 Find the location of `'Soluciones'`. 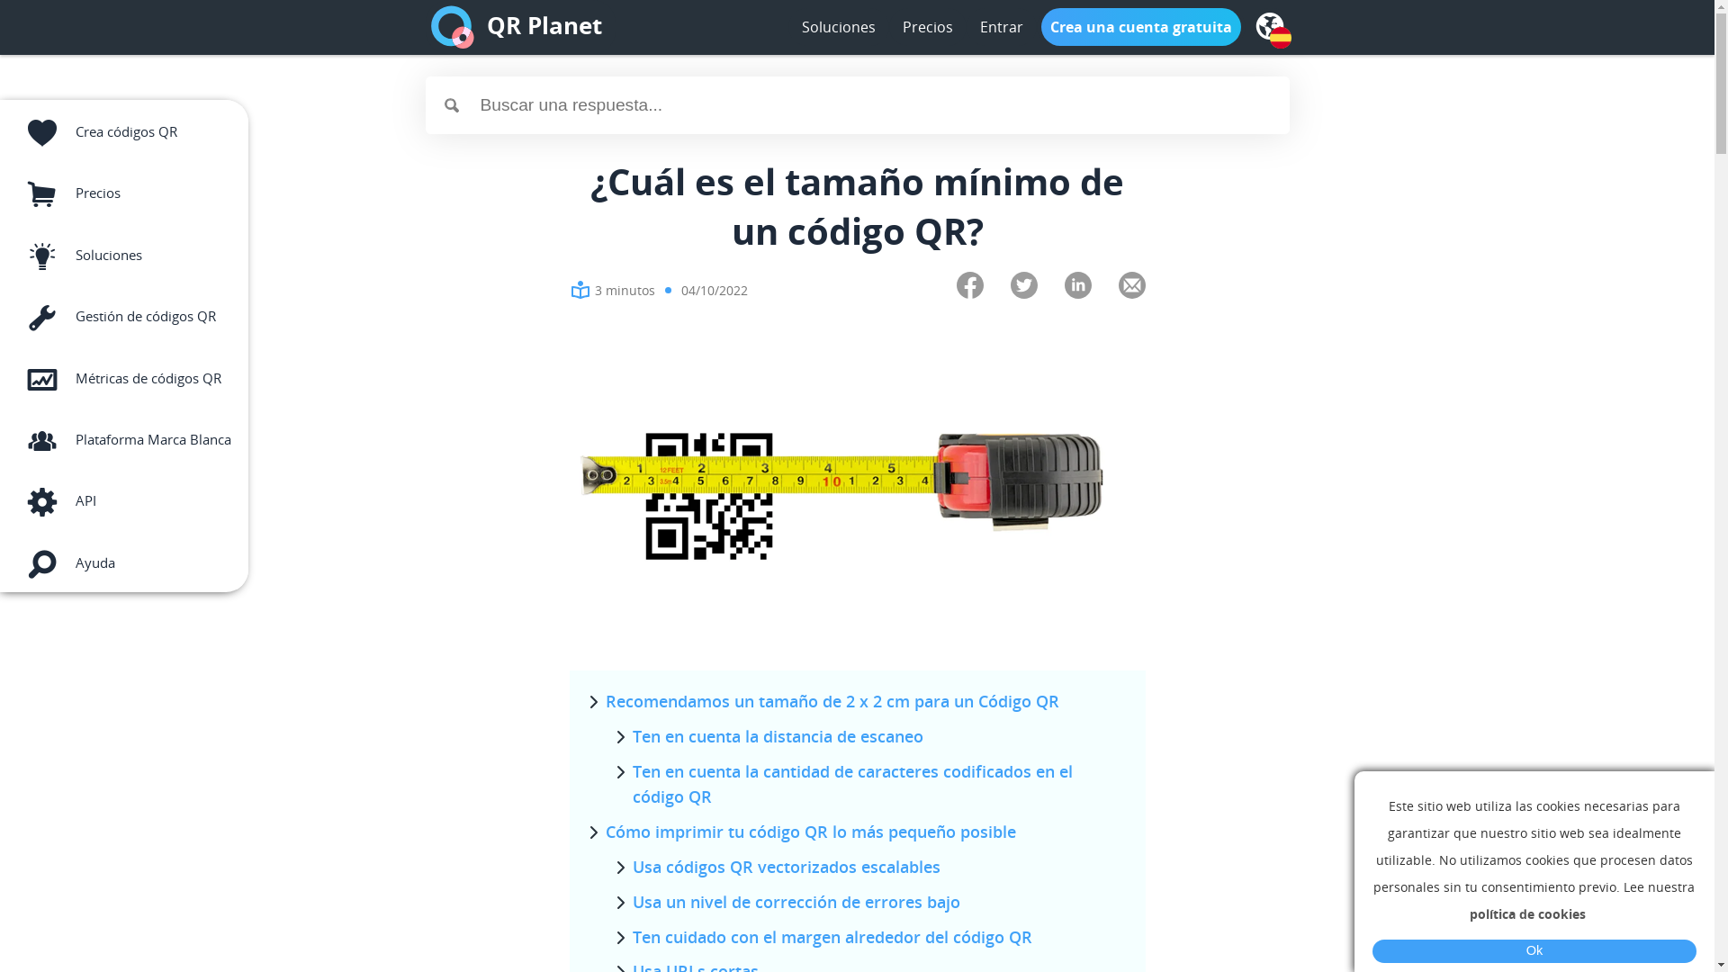

'Soluciones' is located at coordinates (837, 27).